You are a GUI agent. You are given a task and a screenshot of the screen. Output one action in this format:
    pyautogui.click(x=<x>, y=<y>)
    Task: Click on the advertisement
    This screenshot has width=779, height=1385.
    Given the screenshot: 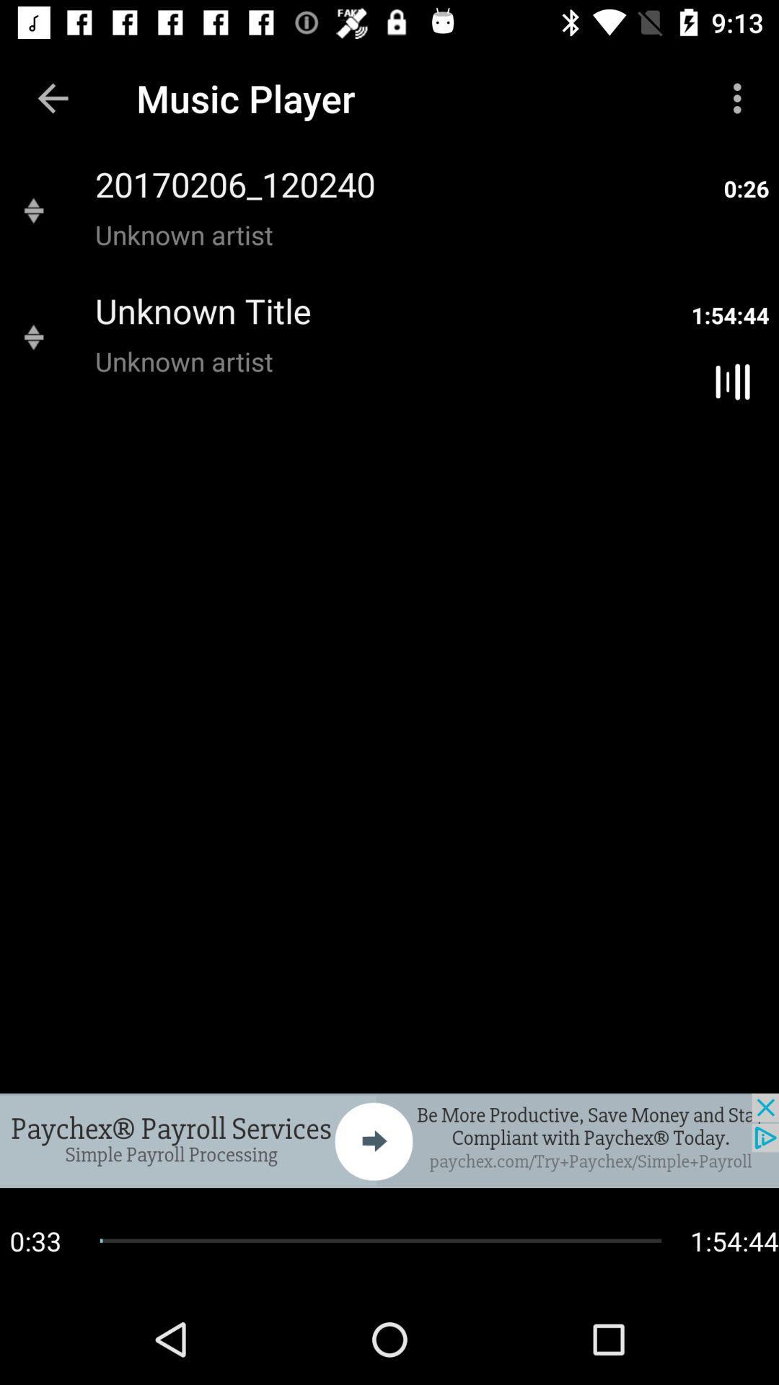 What is the action you would take?
    pyautogui.click(x=389, y=1140)
    